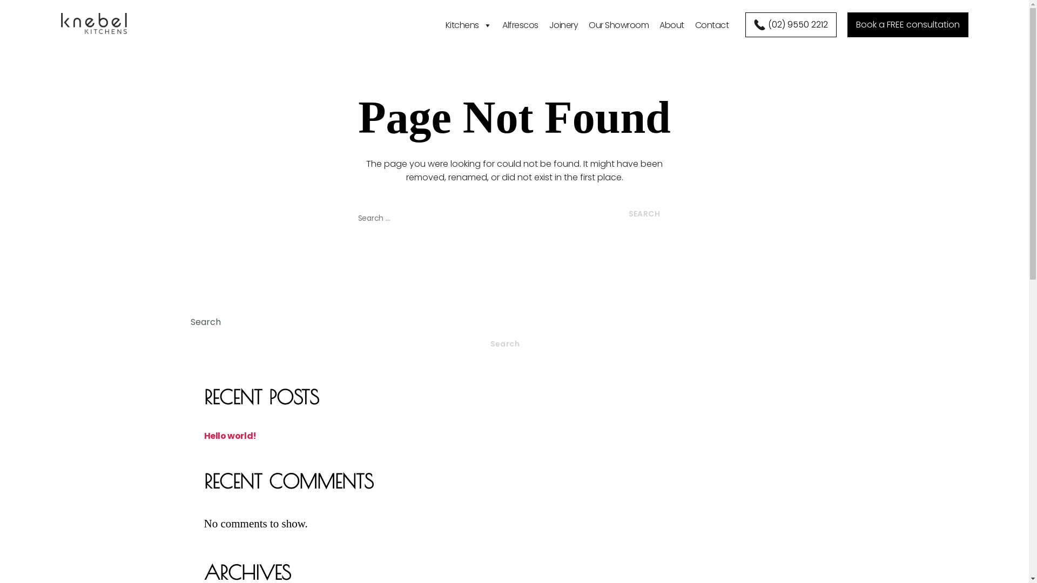 Image resolution: width=1037 pixels, height=583 pixels. Describe the element at coordinates (563, 21) in the screenshot. I see `'Joinery'` at that location.